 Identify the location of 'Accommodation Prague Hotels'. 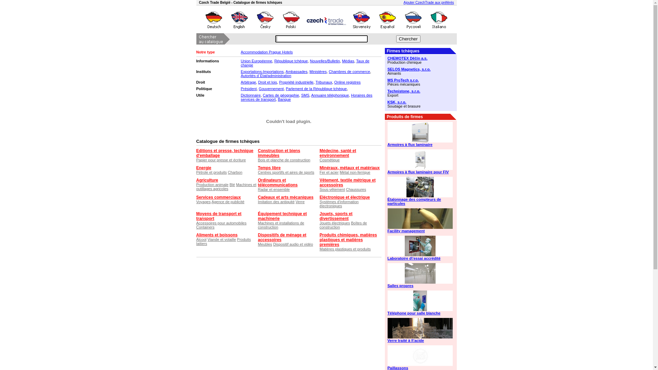
(240, 51).